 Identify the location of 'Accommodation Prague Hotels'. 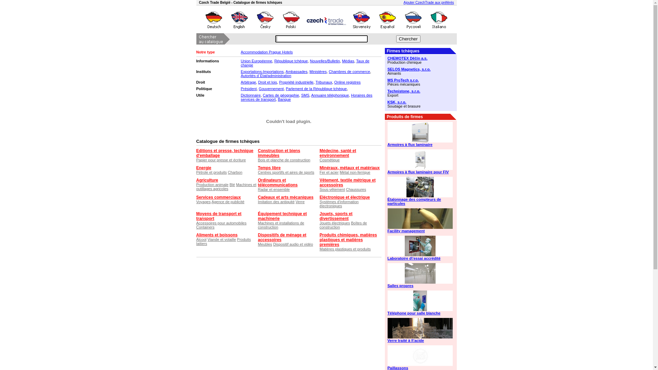
(240, 51).